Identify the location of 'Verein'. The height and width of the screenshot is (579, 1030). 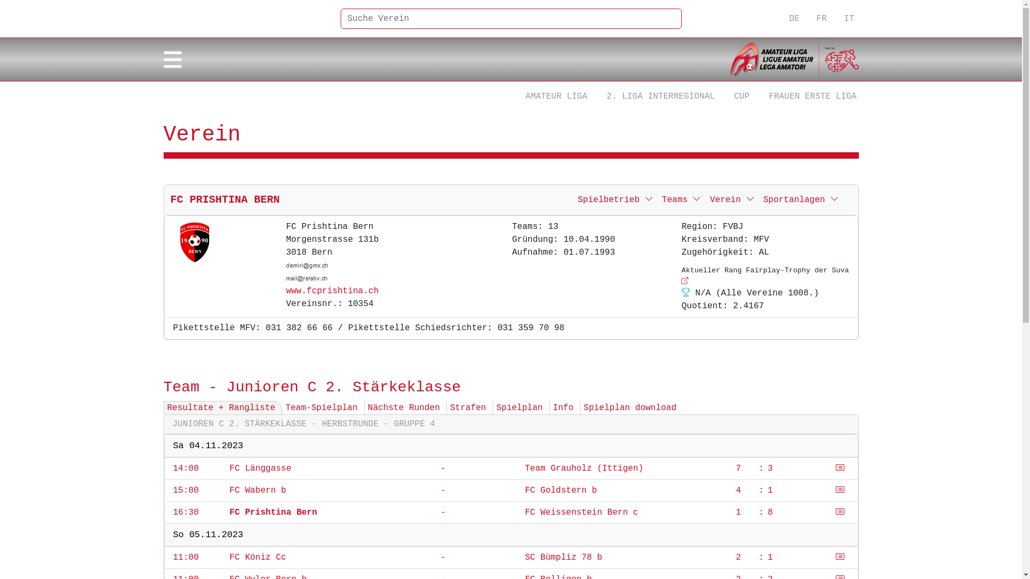
(705, 200).